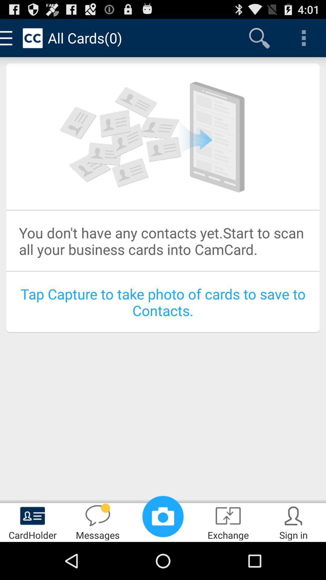  I want to click on item next to messages app, so click(163, 516).